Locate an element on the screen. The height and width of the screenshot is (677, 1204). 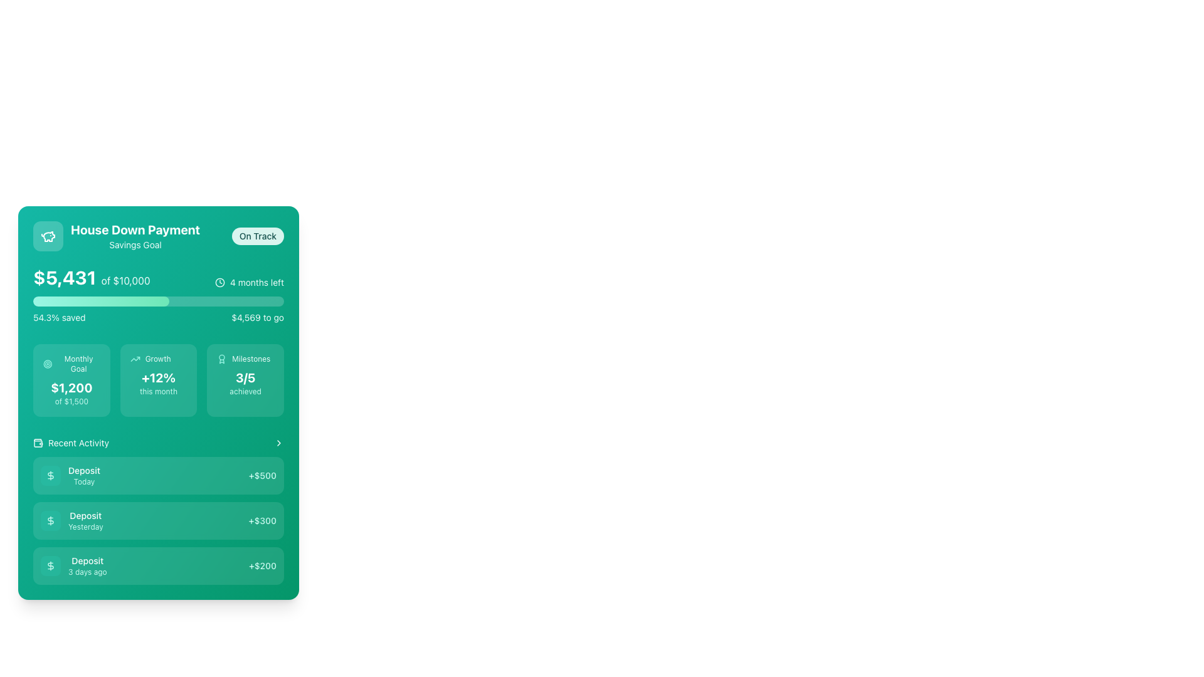
the Text Label that visually represents a growth metric, situated centrally above the text 'this month' and below the header 'Growth' is located at coordinates (158, 377).